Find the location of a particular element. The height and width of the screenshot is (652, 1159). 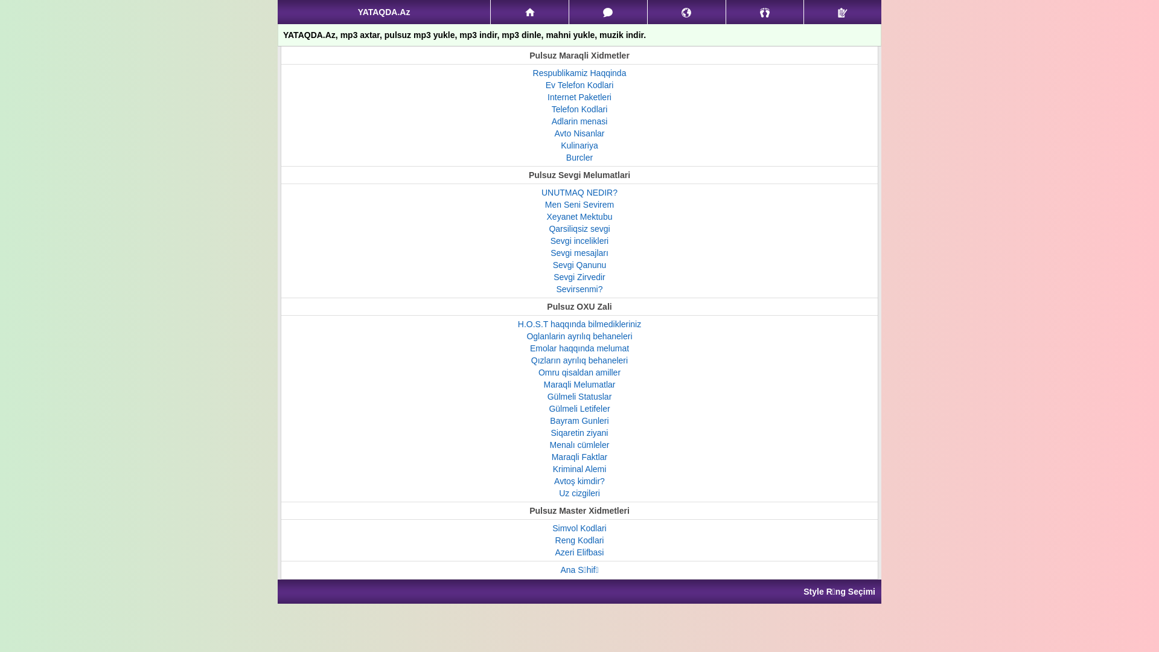

'Internet Paketleri' is located at coordinates (579, 97).